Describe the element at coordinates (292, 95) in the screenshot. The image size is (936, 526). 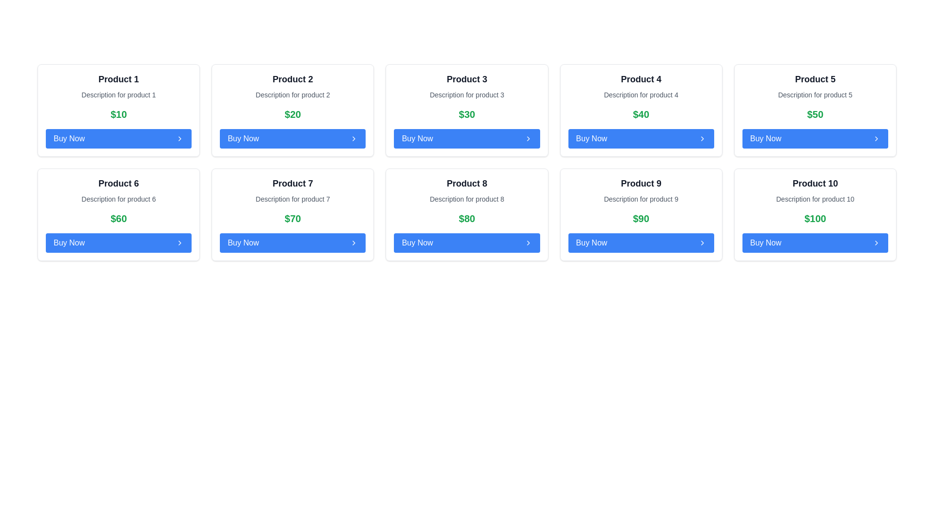
I see `the Text Label that reads 'Description for product 2', which is positioned below the title 'Product 2' and above the price display '$20' in the second product card of a 2x5 grid layout` at that location.